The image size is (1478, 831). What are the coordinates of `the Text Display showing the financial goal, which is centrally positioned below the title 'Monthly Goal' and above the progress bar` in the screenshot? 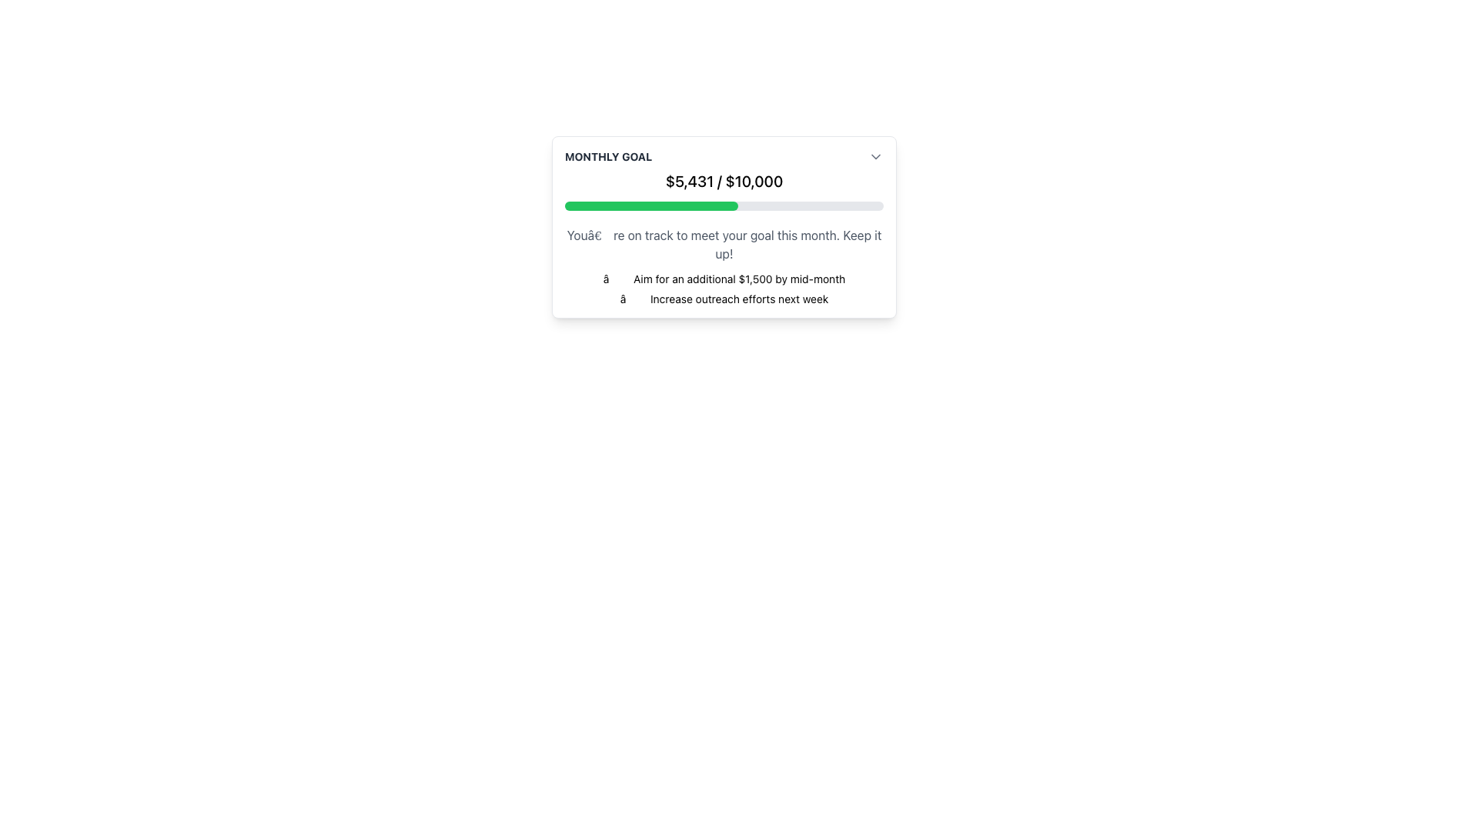 It's located at (723, 180).